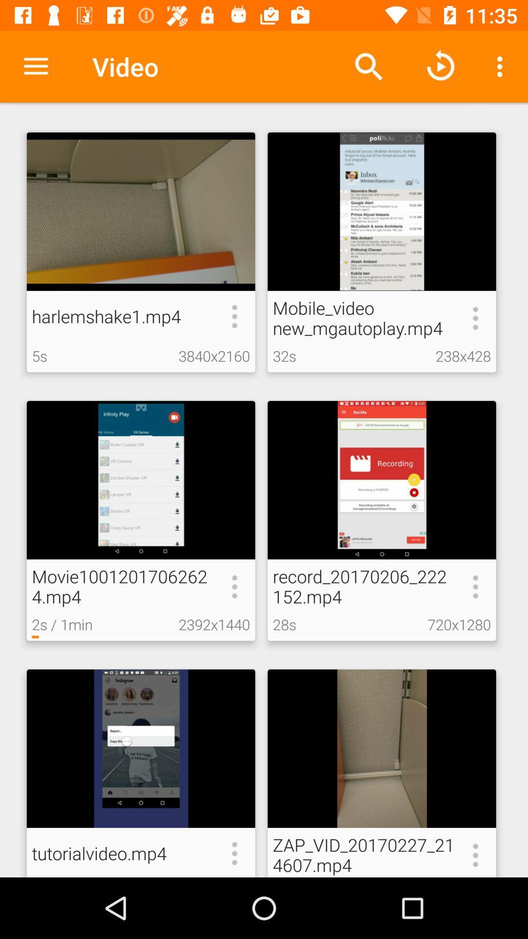 The width and height of the screenshot is (528, 939). What do you see at coordinates (35, 66) in the screenshot?
I see `the icon next to video` at bounding box center [35, 66].